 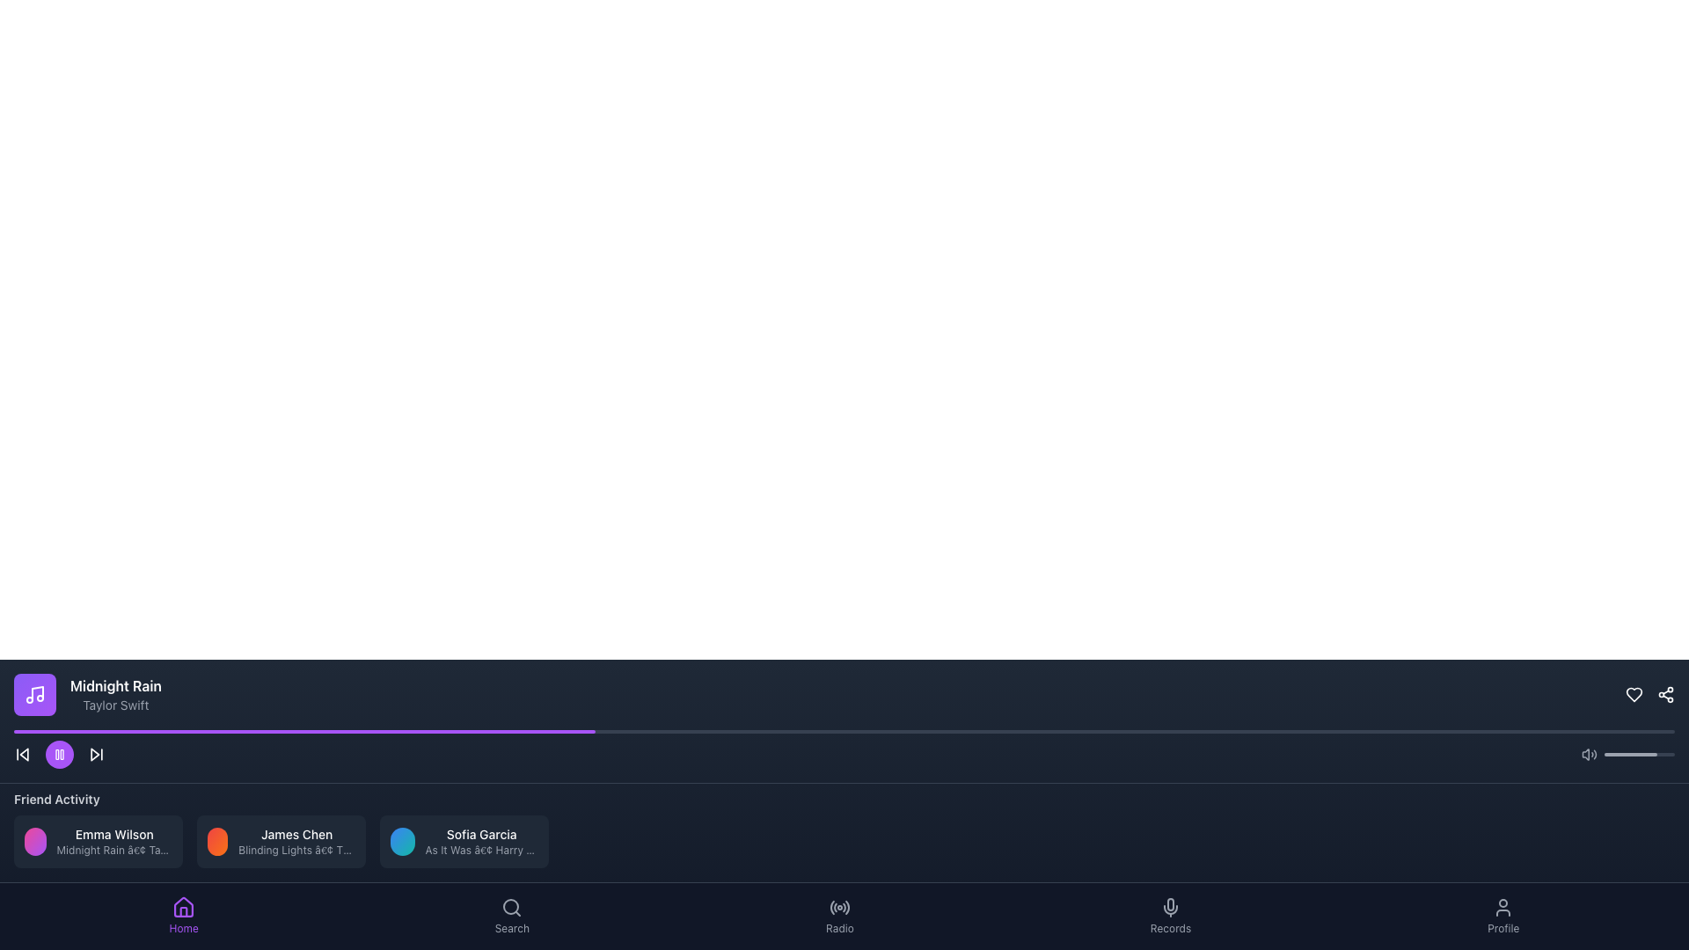 What do you see at coordinates (35, 840) in the screenshot?
I see `the circular avatar profile indicator located in the 'Friend Activity' section, which has a gradient color from pink to purple and is aligned with the text 'Emma Wilson' and 'Midnight Rain • Taylor Swift.'` at bounding box center [35, 840].